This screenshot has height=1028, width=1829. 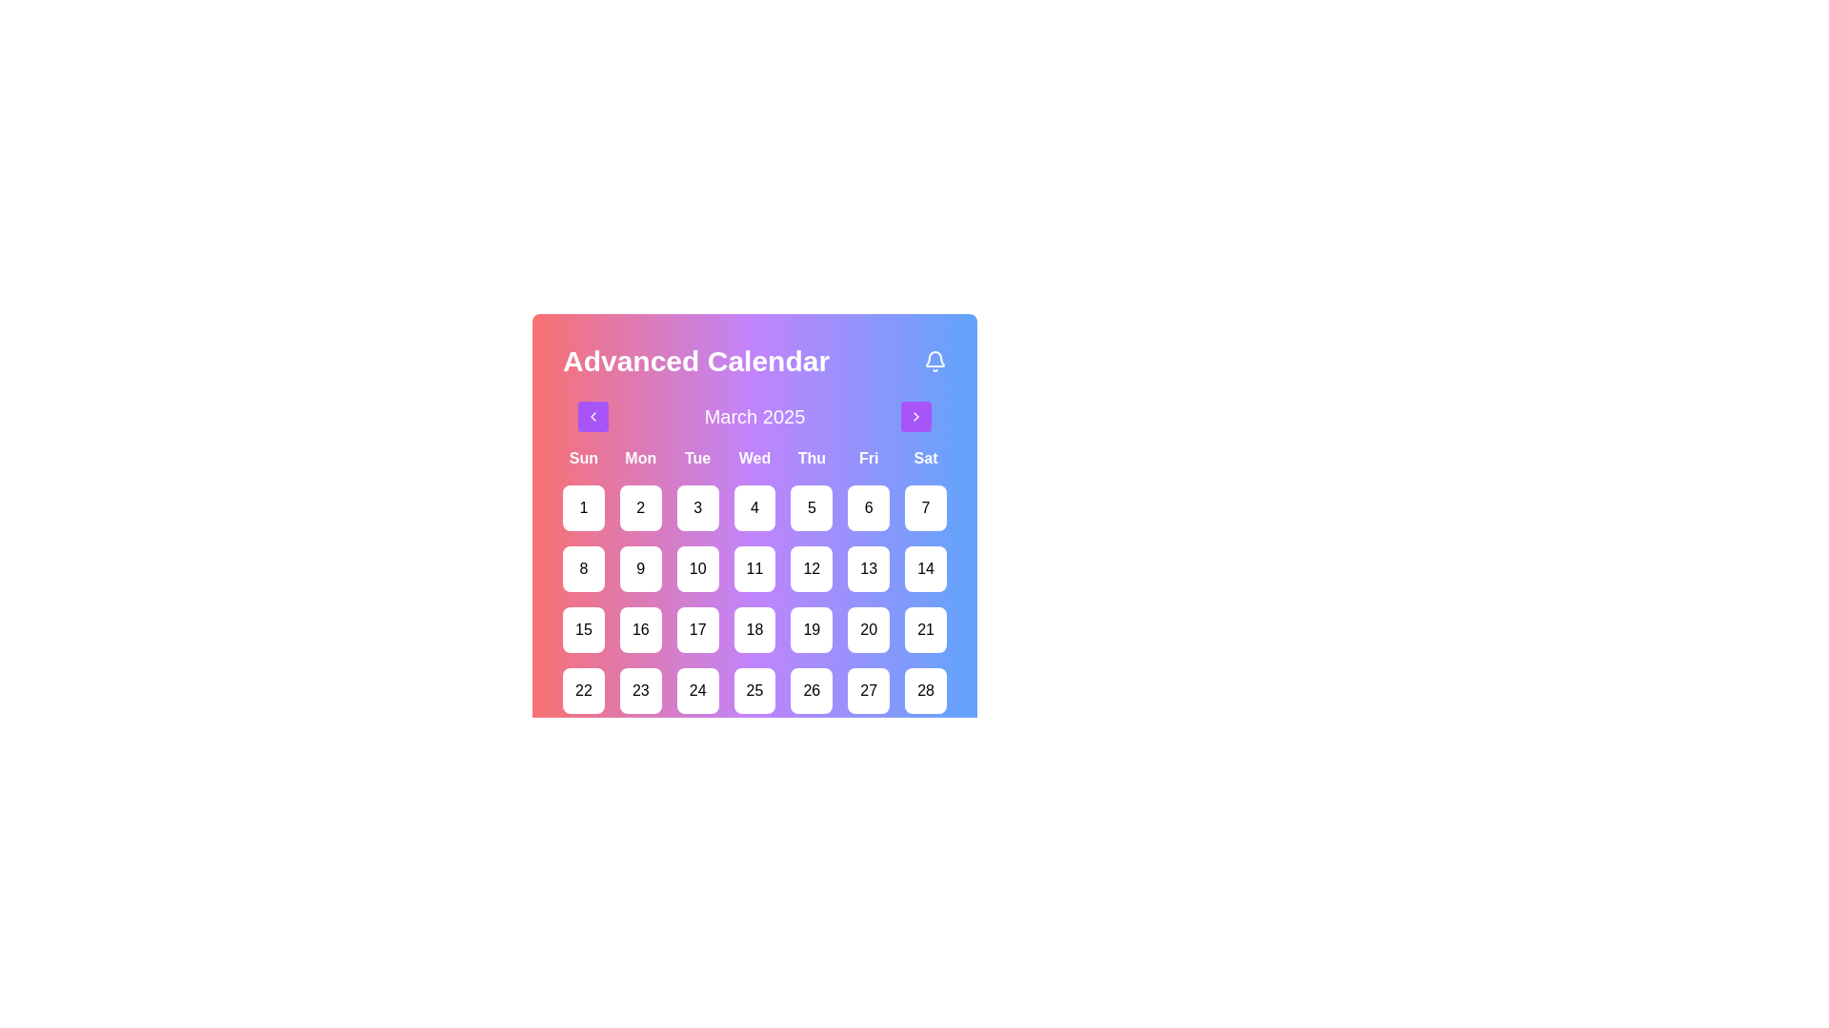 What do you see at coordinates (696, 630) in the screenshot?
I see `the Date cell in the calendar grid that displays the date "17", which is a rectangular button with rounded corners and is located at the third item in the fourth row of the grid` at bounding box center [696, 630].